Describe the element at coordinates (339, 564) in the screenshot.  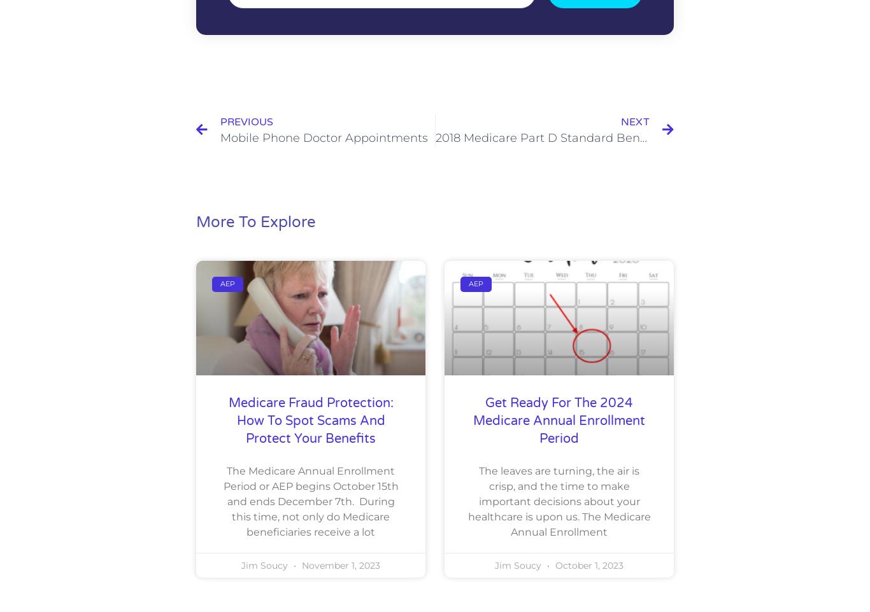
I see `'November 1, 2023'` at that location.